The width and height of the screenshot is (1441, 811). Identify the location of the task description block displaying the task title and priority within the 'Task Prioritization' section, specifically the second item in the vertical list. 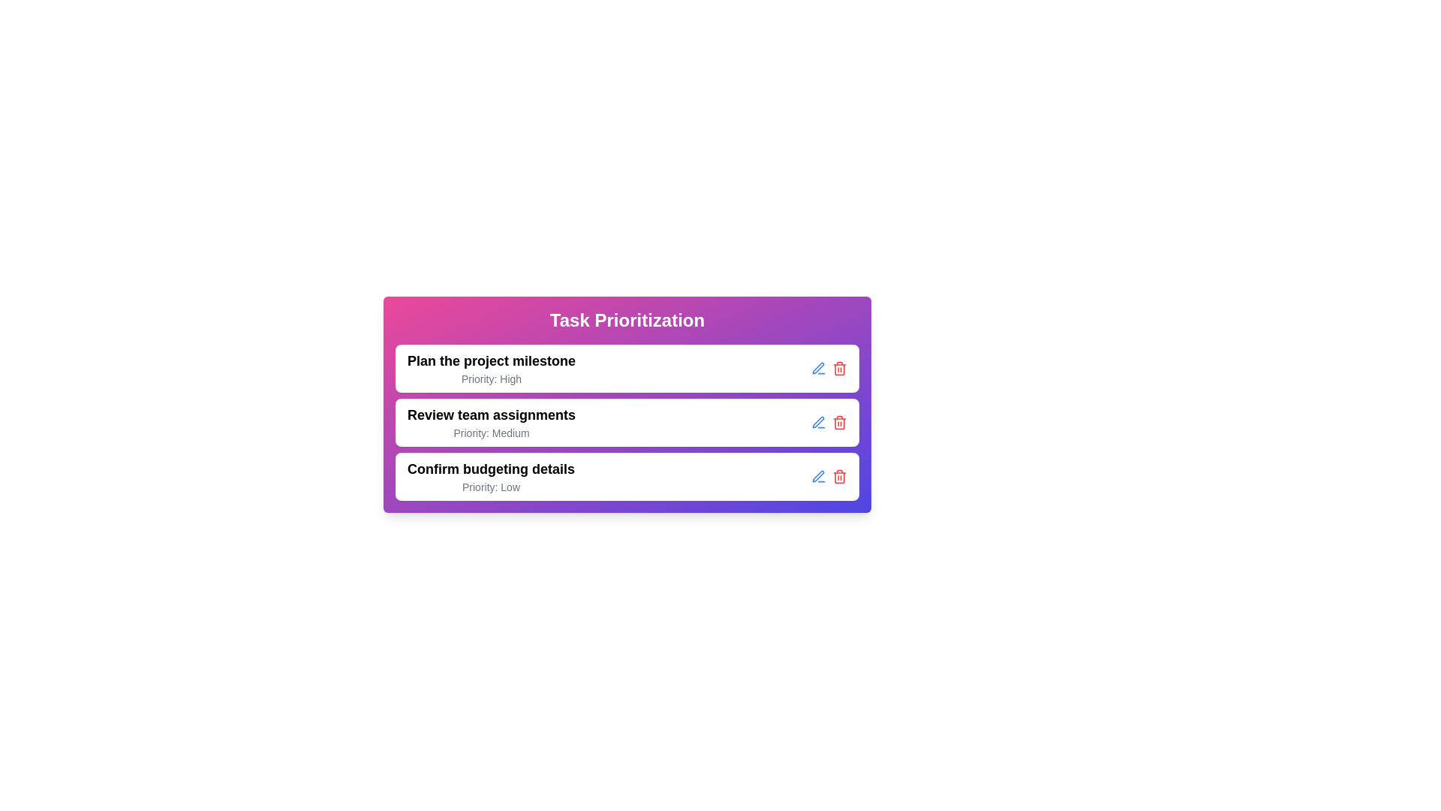
(492, 423).